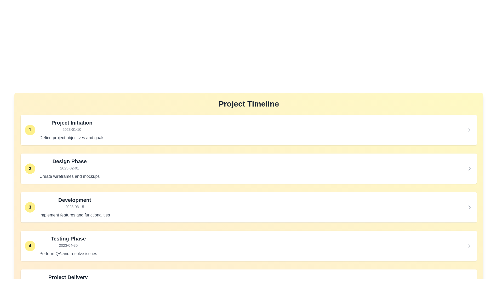  Describe the element at coordinates (469, 130) in the screenshot. I see `the Chevron/Arrow icon on the right side of the first row under the 'Project Timeline' heading` at that location.